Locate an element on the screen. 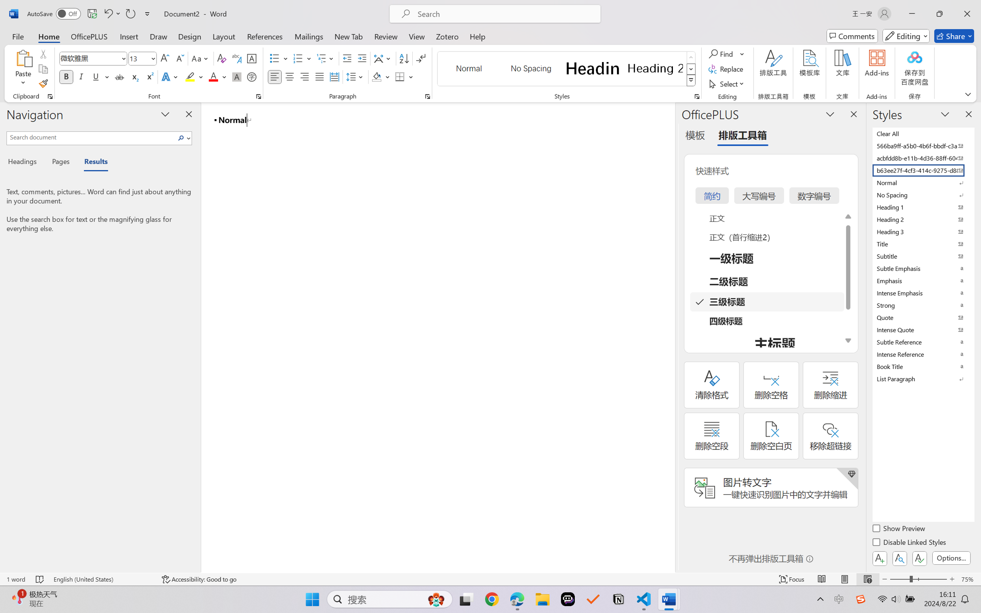 Image resolution: width=981 pixels, height=613 pixels. 'Align Right' is located at coordinates (305, 76).